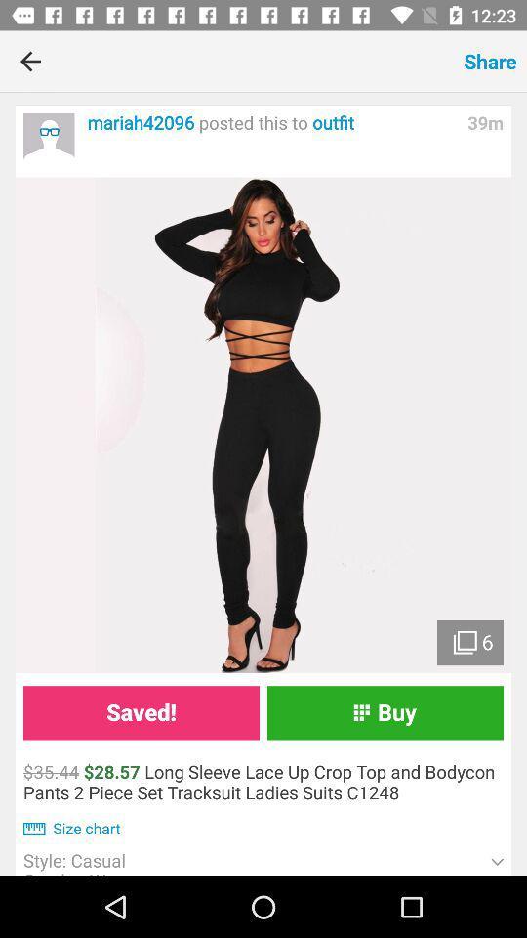 This screenshot has height=938, width=527. Describe the element at coordinates (271, 122) in the screenshot. I see `the item next to the 39m icon` at that location.